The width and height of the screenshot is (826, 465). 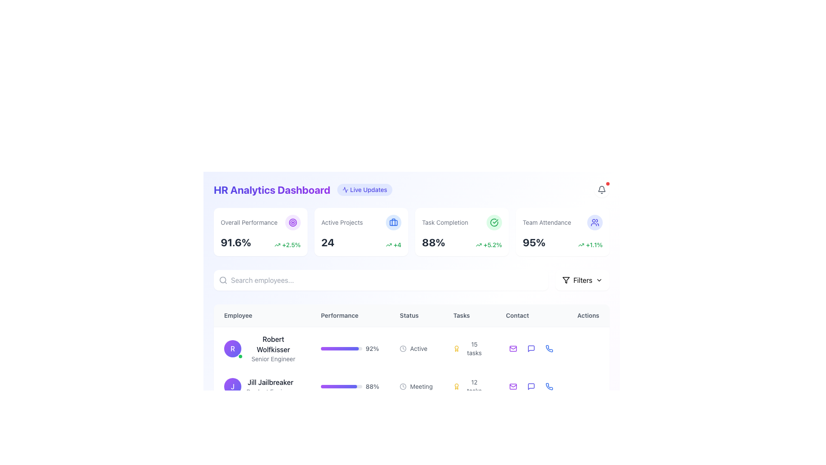 I want to click on the small yellow badge-like icon with an award ribbon shape located to the left of the text '15 tasks' in the 'Tasks' column of the table, so click(x=456, y=349).